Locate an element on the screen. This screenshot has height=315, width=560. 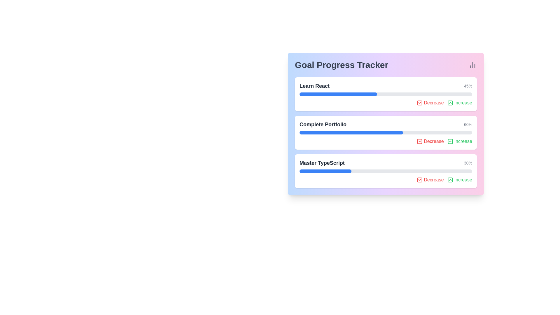
the 'Decrease' icon located within the 'Decrease' button of the third goal entry ('Master TypeScript') is located at coordinates (419, 180).